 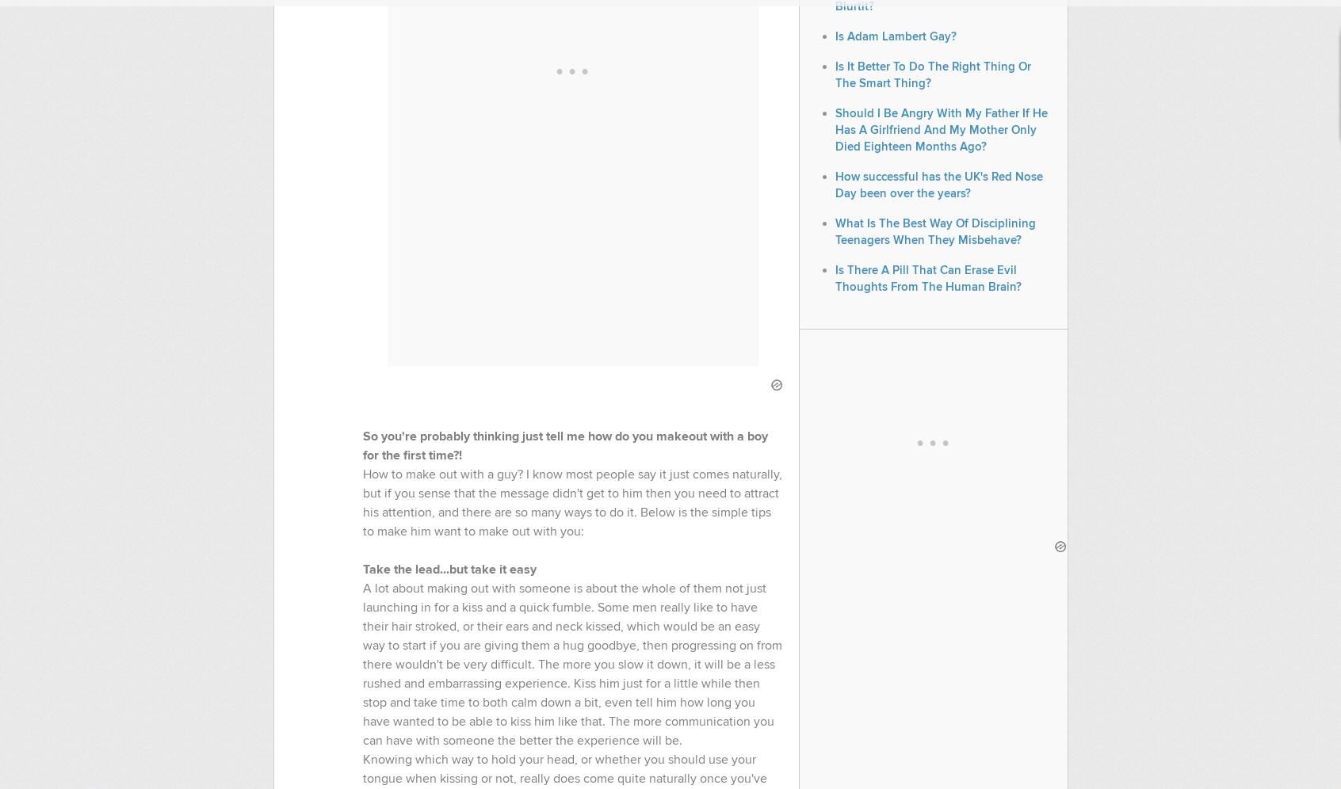 I want to click on 'Is There A Pill That Can Erase Evil Thoughts From The Human Brain?', so click(x=926, y=278).